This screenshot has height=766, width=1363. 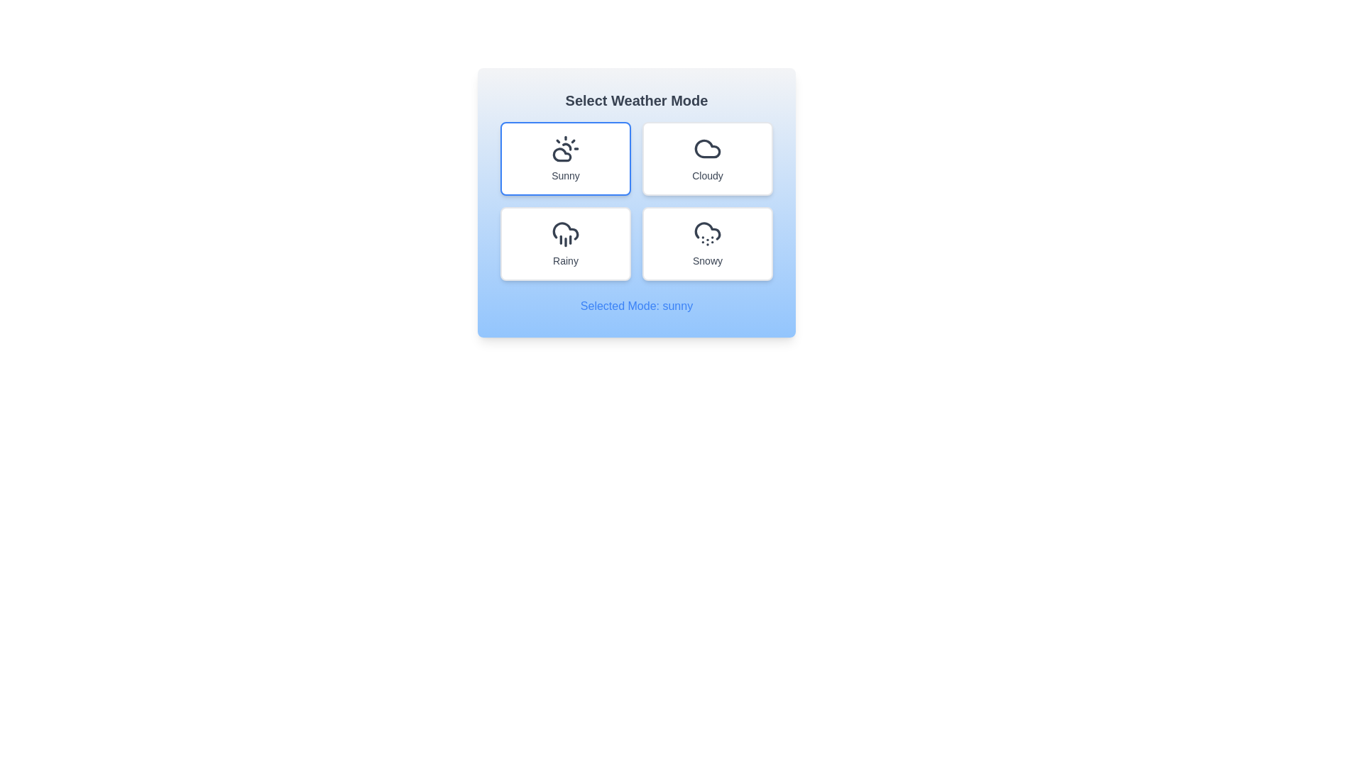 What do you see at coordinates (708, 158) in the screenshot?
I see `the weather mode cloudy by clicking on the corresponding button` at bounding box center [708, 158].